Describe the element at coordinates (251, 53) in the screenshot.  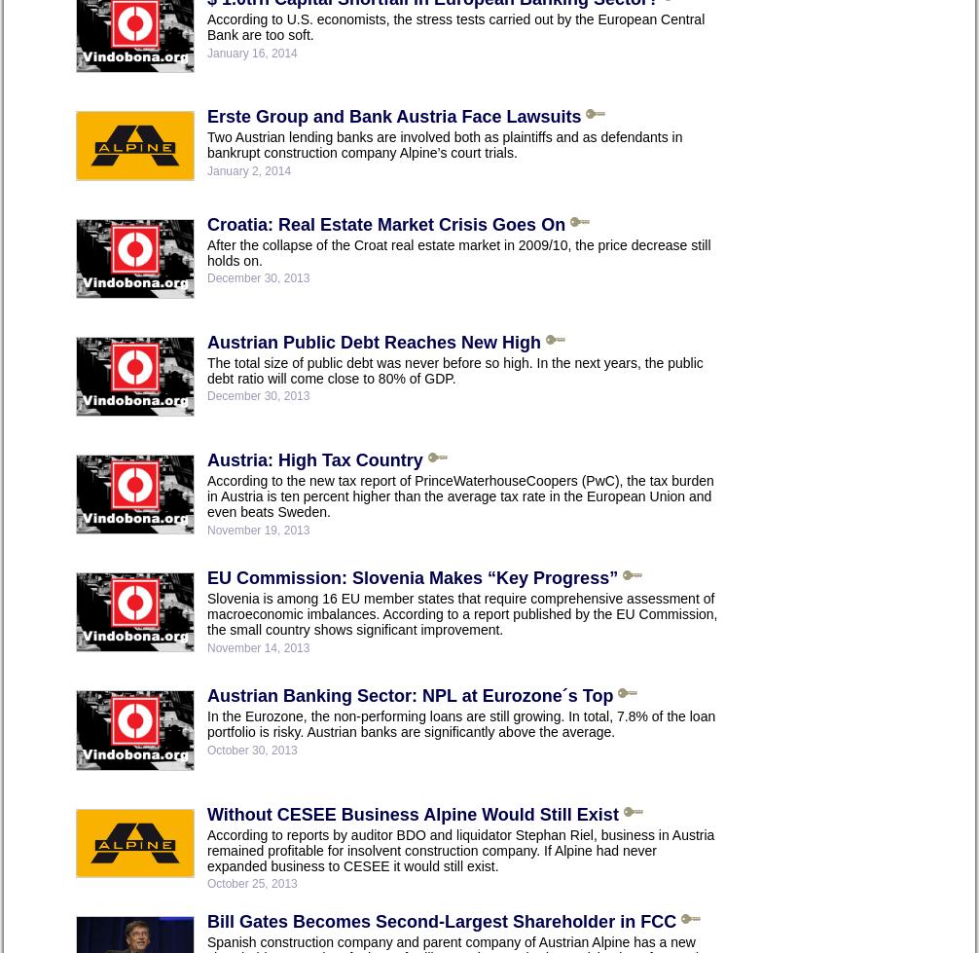
I see `'January 16, 2014'` at that location.